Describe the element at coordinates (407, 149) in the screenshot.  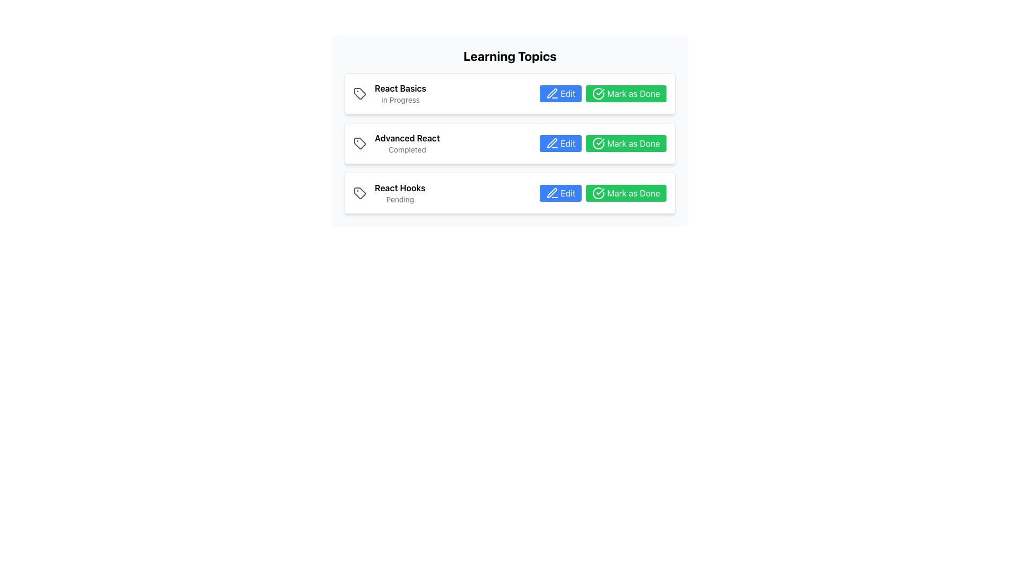
I see `the text label that reads 'Completed', which is styled in gray and positioned below the bold title 'Advanced React'` at that location.